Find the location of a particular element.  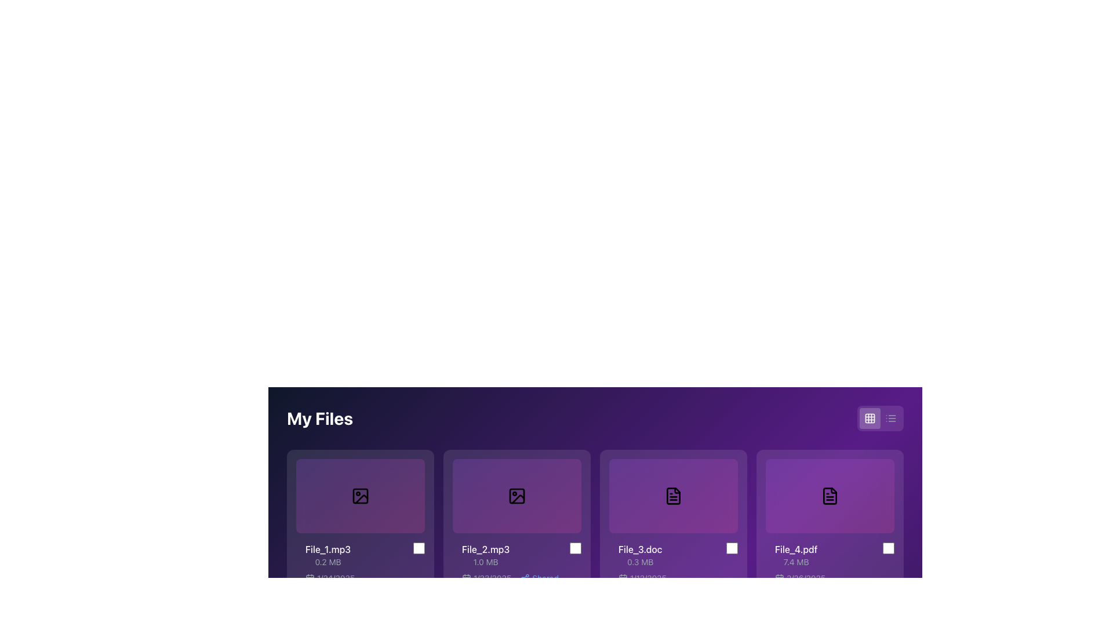

the grid icon button located in the upper-right corner of the interface is located at coordinates (870, 418).